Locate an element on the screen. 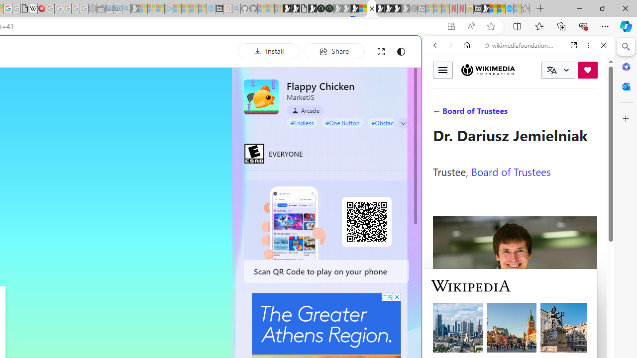 The height and width of the screenshot is (358, 637). 'Class: control' is located at coordinates (404, 123).